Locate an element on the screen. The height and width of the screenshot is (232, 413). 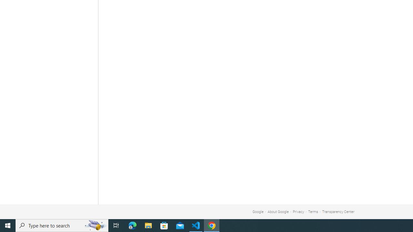
'Google' is located at coordinates (257, 212).